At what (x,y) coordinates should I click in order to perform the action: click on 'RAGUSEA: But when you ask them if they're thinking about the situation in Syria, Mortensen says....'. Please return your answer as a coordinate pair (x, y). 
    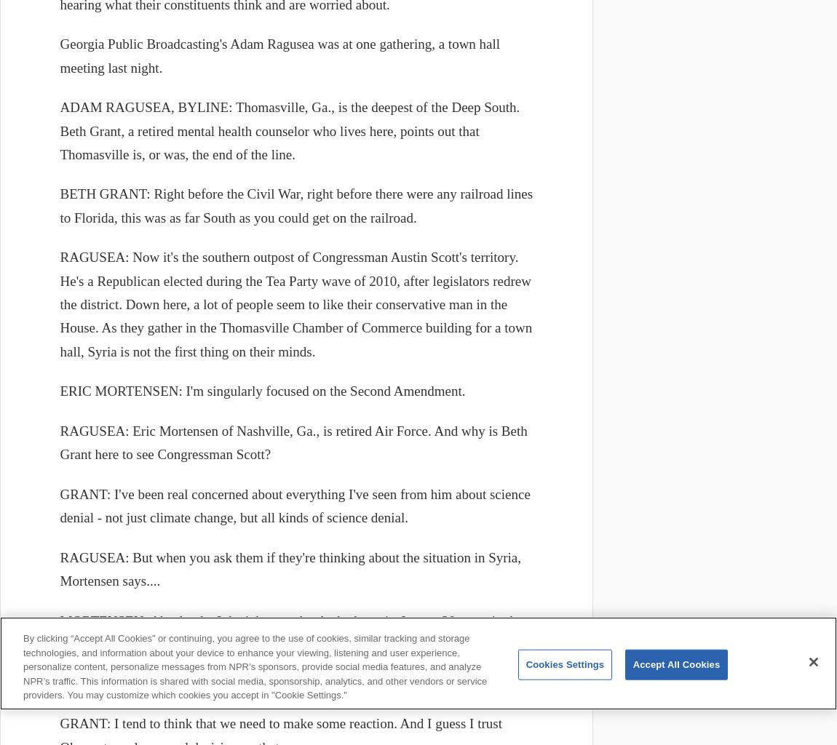
    Looking at the image, I should click on (290, 569).